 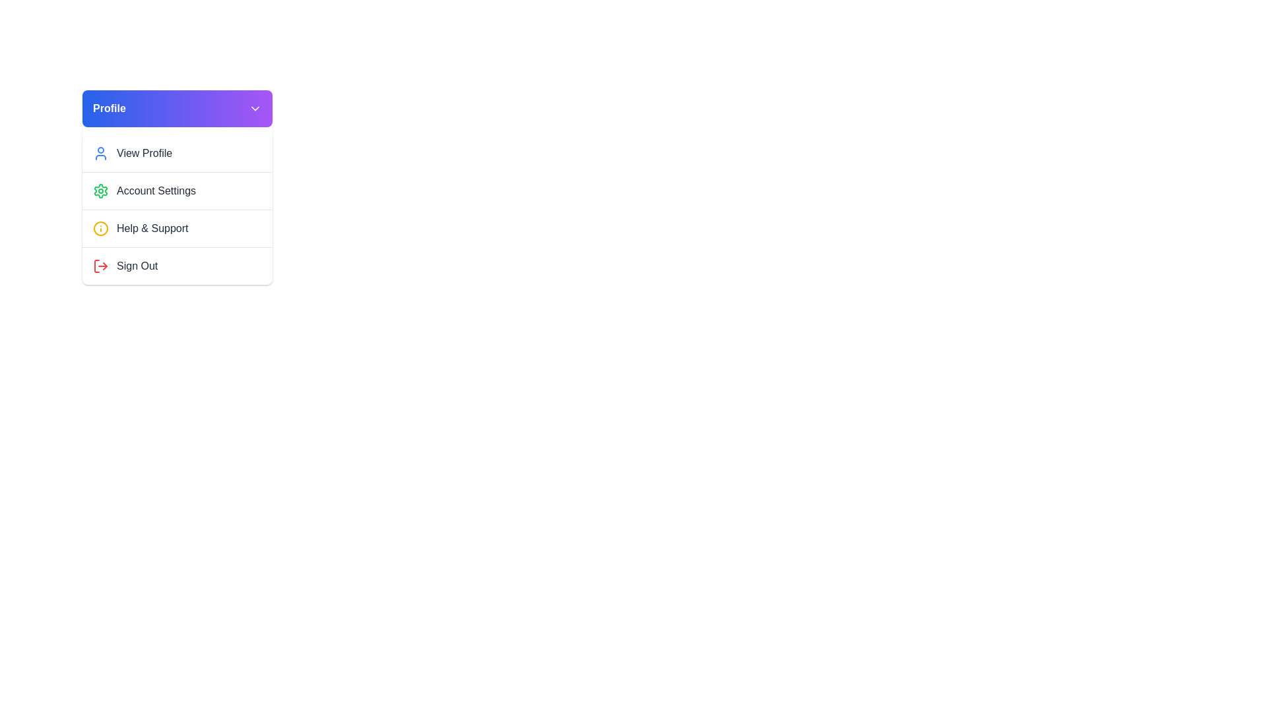 I want to click on the 'Account Settings' text label in the vertical menu, which is located below 'View Profile' and above 'Help & Support', and is aligned with a green gear icon to its left, so click(x=156, y=191).